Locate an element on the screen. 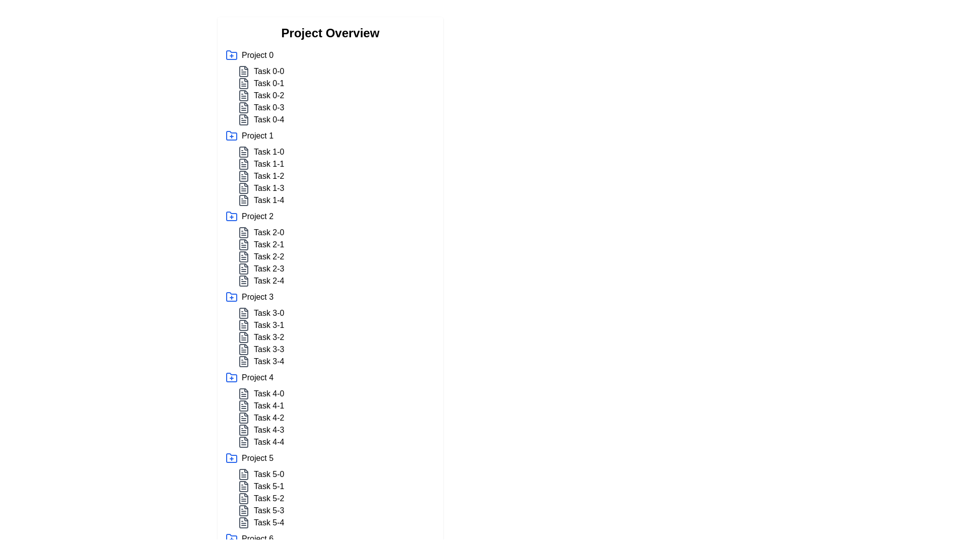 This screenshot has height=544, width=967. the gray document-style icon with a folded corner located to the left of the text 'Task 0-1' is located at coordinates (244, 83).